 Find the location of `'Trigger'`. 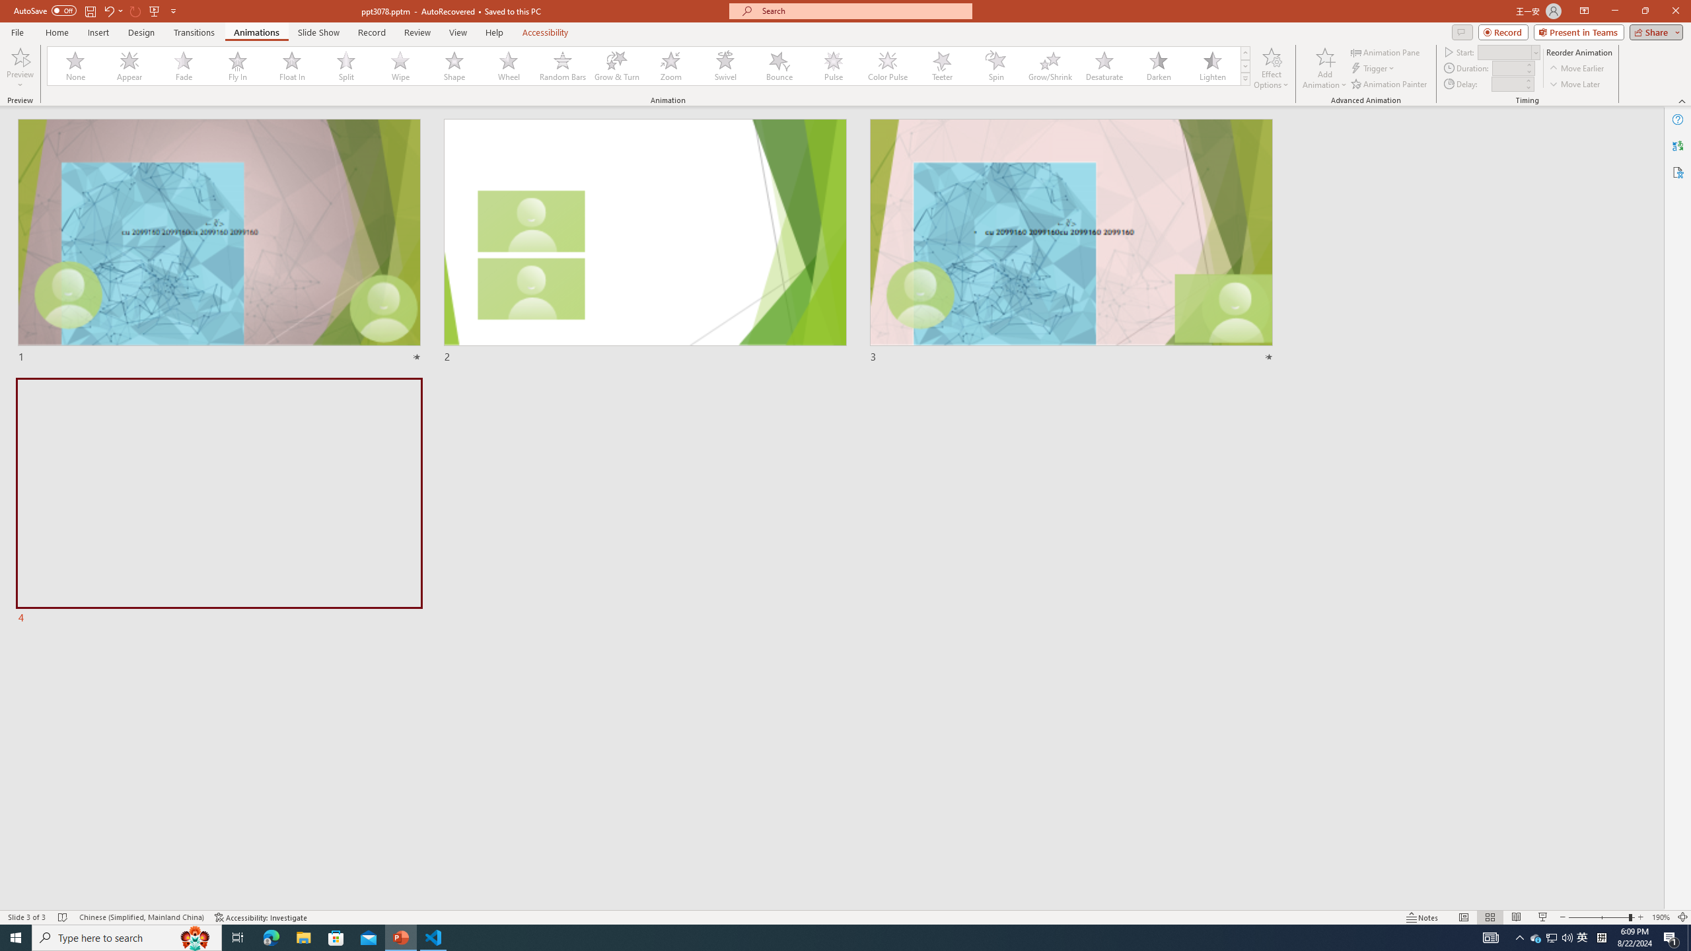

'Trigger' is located at coordinates (1373, 68).